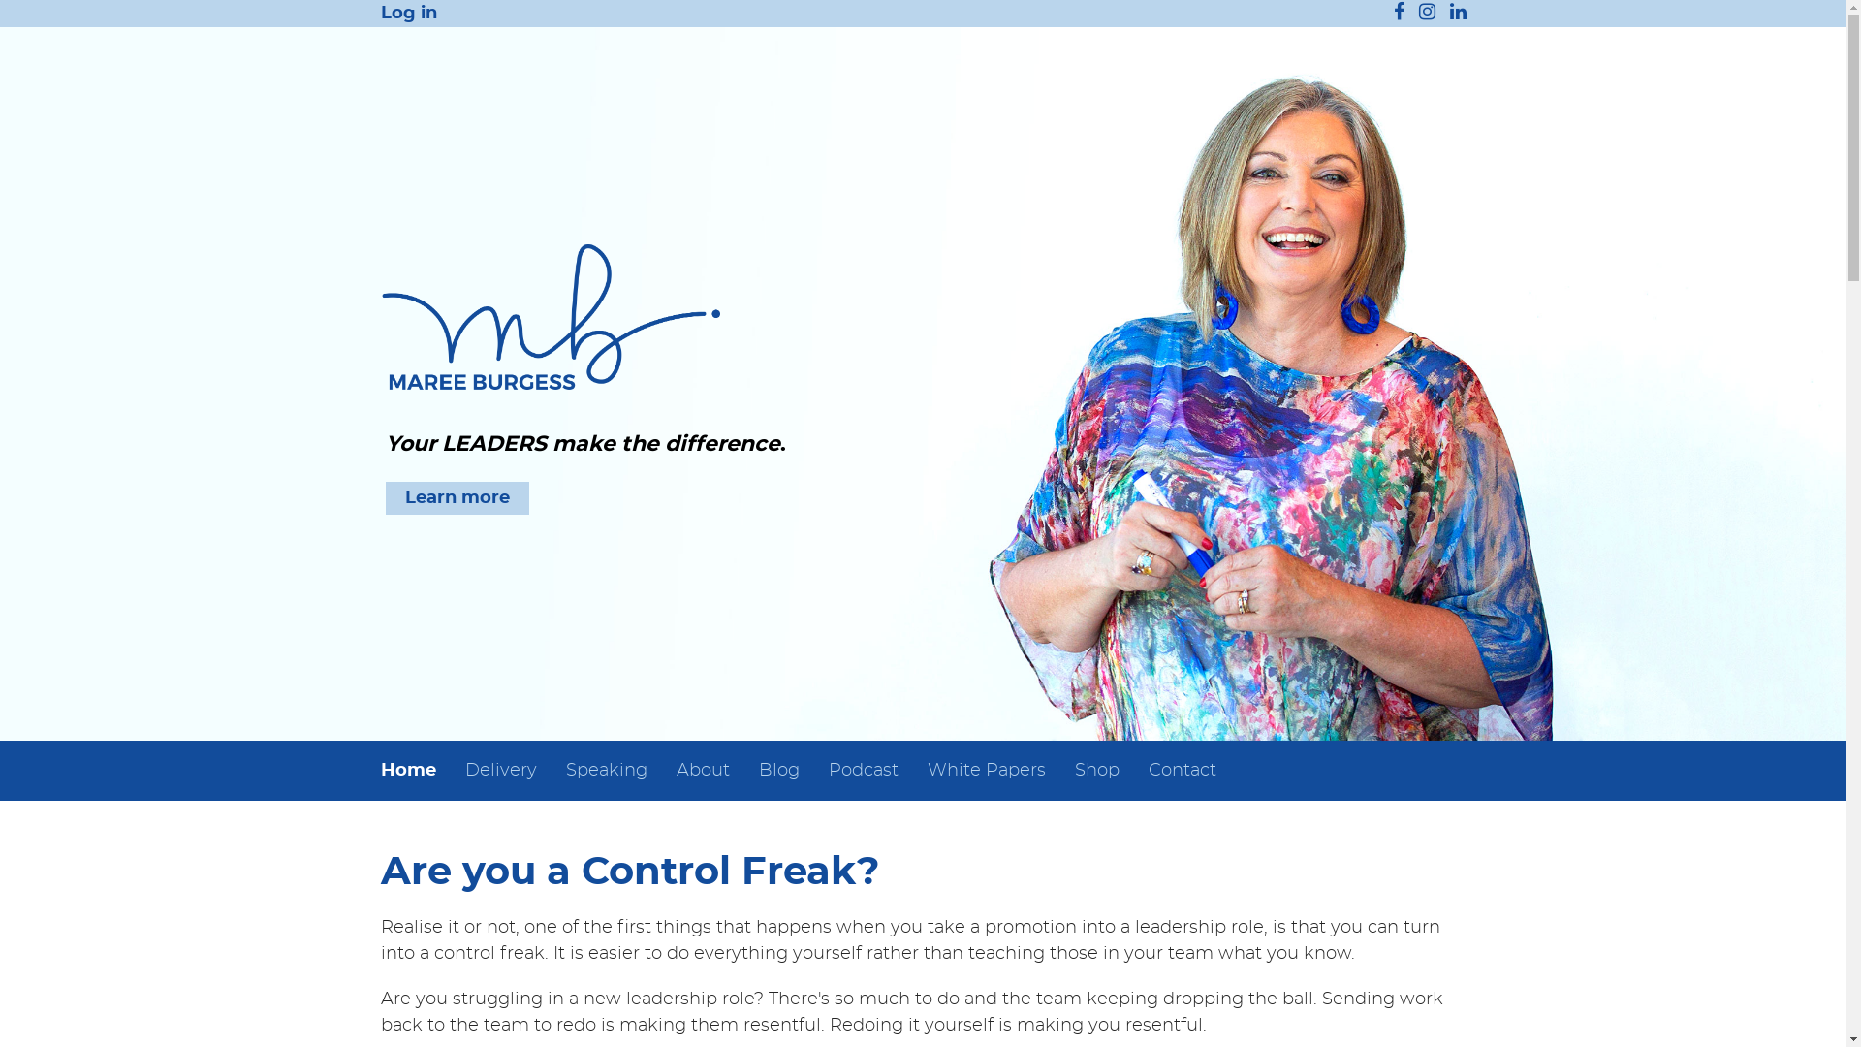 This screenshot has width=1861, height=1047. I want to click on 'Home', so click(413, 769).